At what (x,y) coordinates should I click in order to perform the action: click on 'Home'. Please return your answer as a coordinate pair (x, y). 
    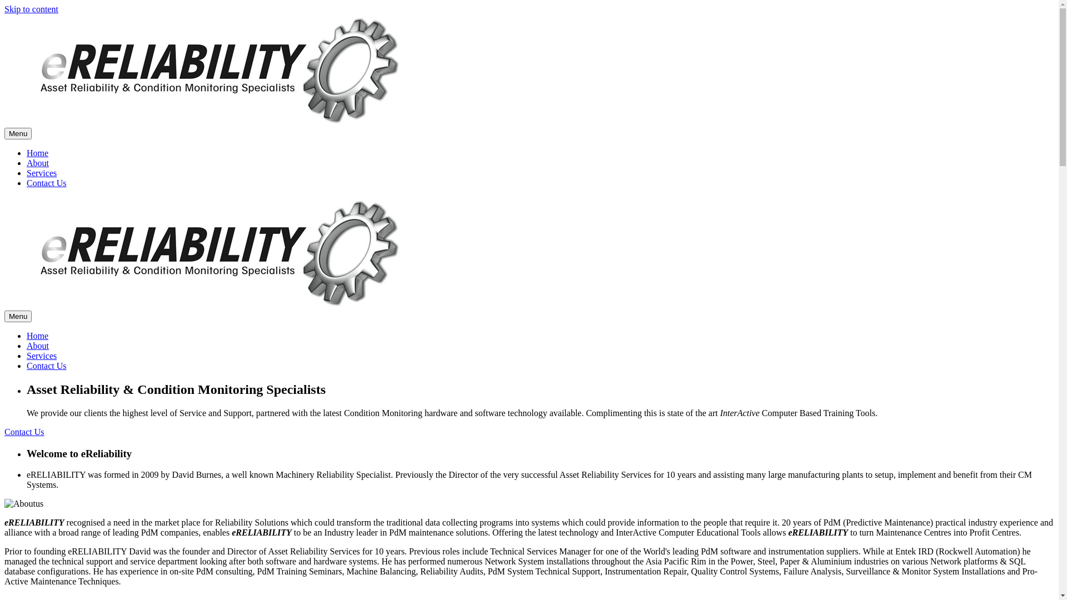
    Looking at the image, I should click on (37, 153).